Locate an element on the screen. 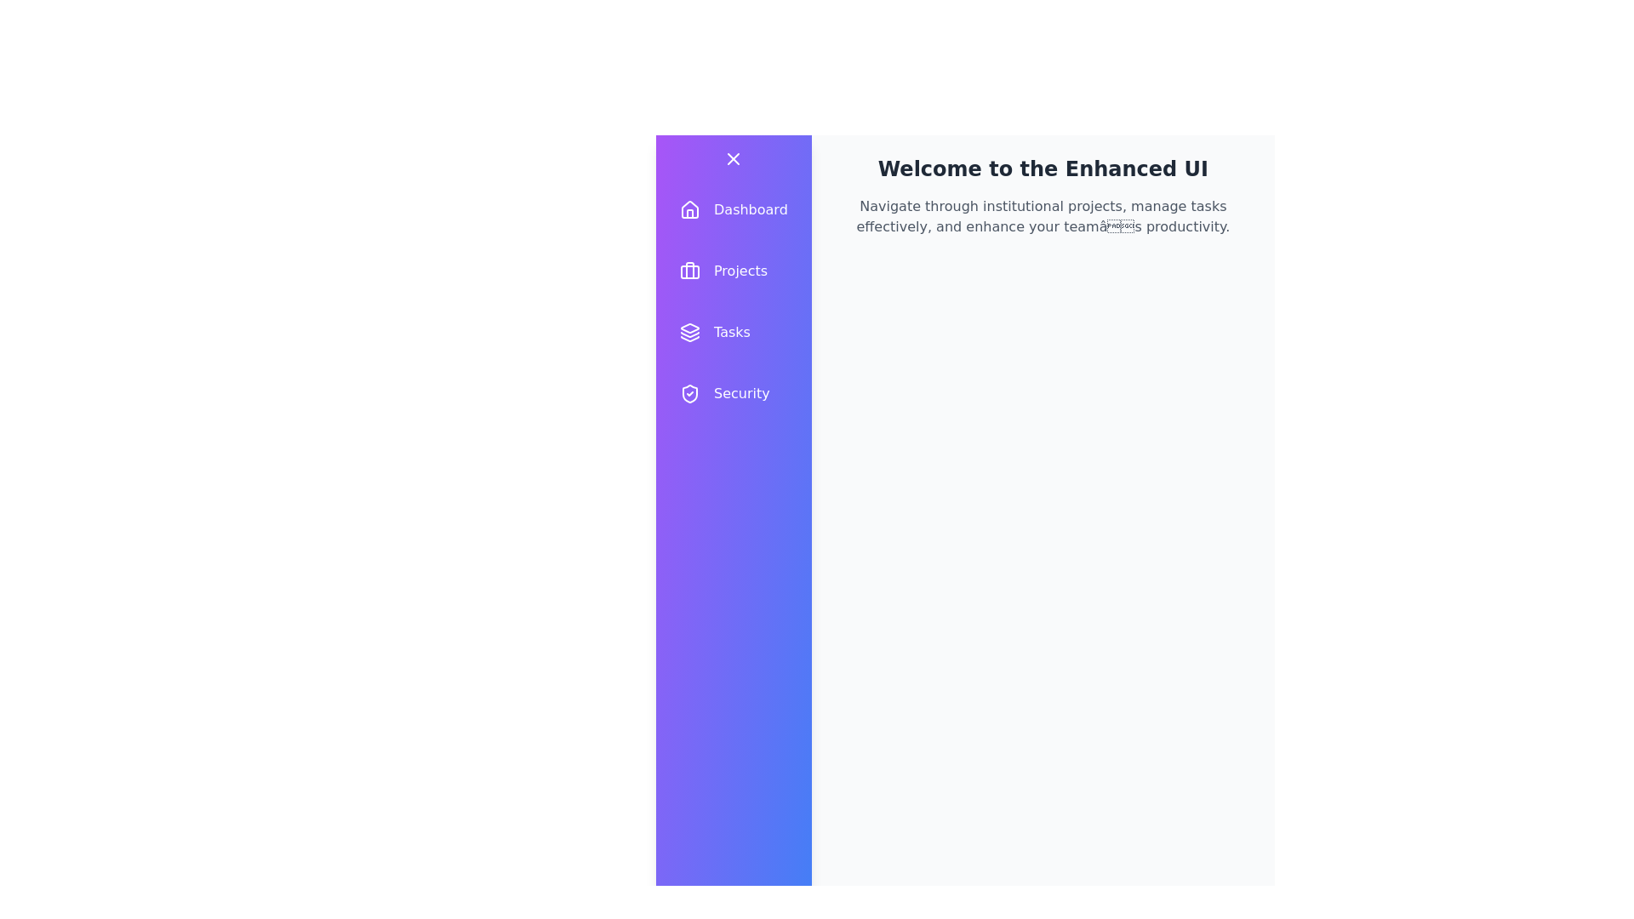 The height and width of the screenshot is (919, 1634). the small briefcase icon with a purple background located in the vertical menu bar, positioned directly to the left of the text 'Projects' is located at coordinates (690, 271).